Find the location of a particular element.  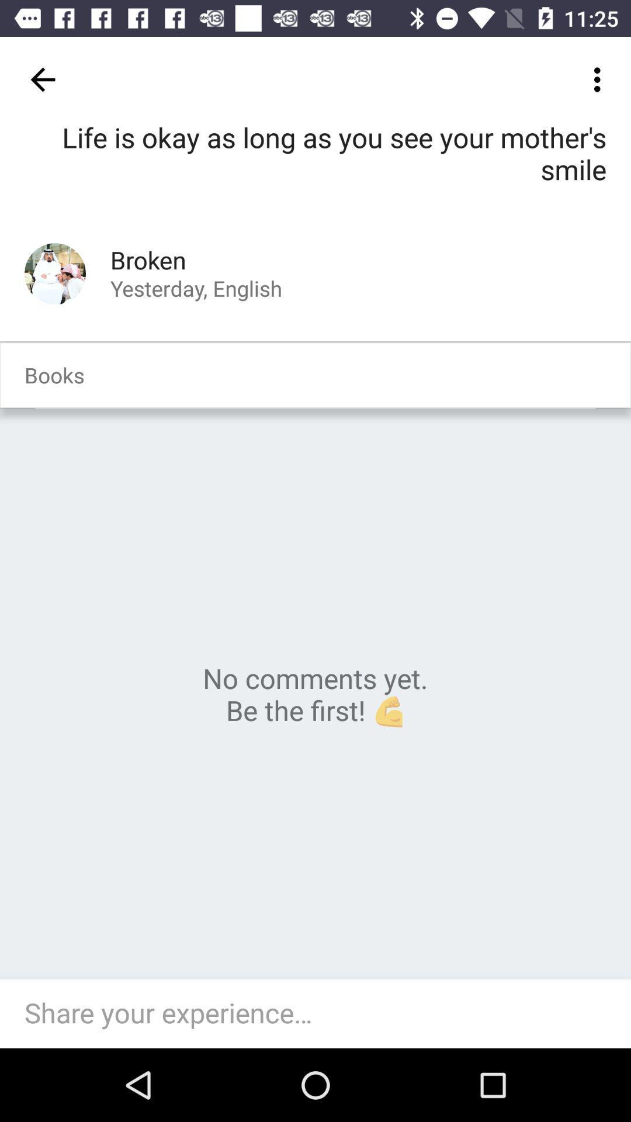

author is located at coordinates (55, 273).